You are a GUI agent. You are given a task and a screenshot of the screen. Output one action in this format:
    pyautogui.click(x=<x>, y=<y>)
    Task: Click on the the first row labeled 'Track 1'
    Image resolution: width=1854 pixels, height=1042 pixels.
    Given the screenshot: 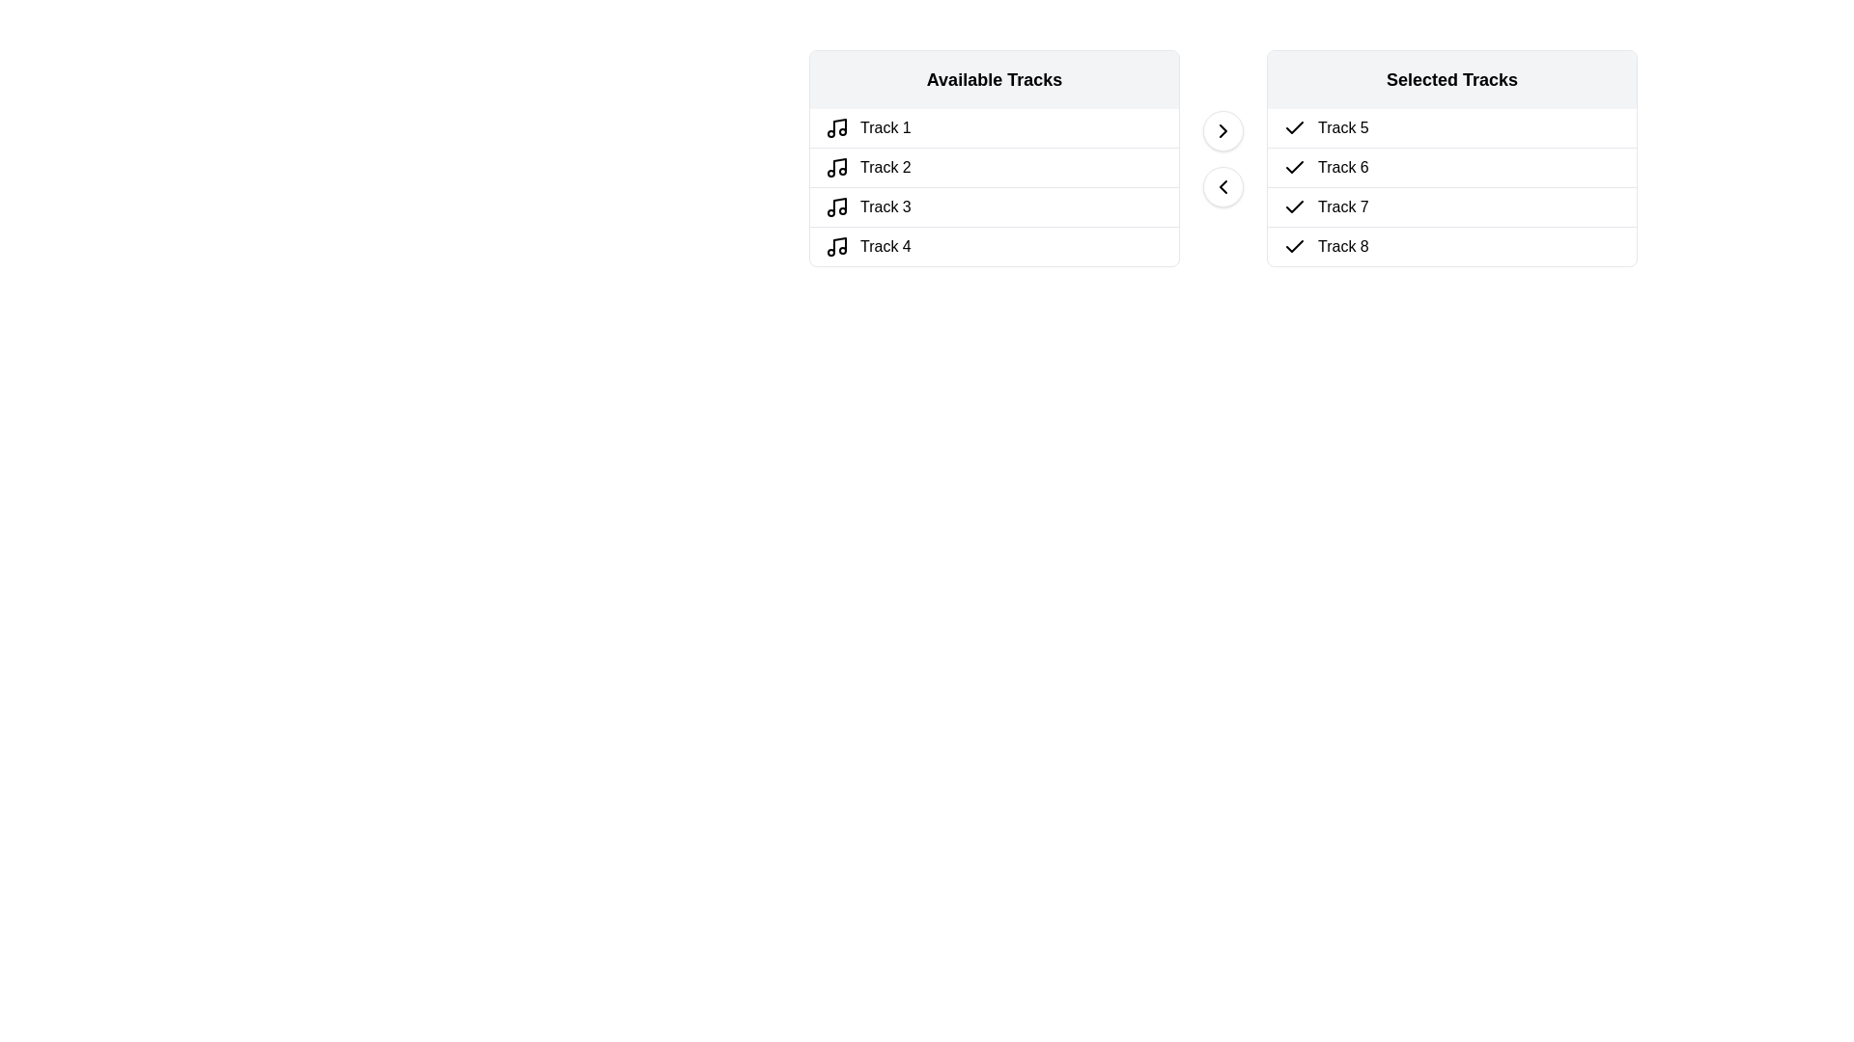 What is the action you would take?
    pyautogui.click(x=995, y=127)
    